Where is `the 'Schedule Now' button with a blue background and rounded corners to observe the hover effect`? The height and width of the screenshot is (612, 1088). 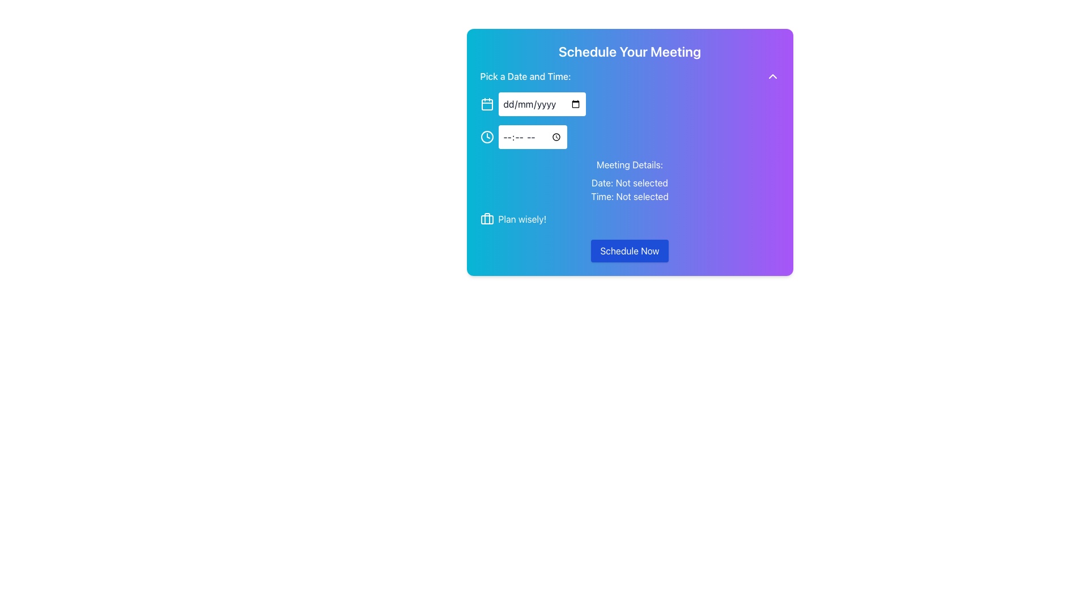
the 'Schedule Now' button with a blue background and rounded corners to observe the hover effect is located at coordinates (629, 250).